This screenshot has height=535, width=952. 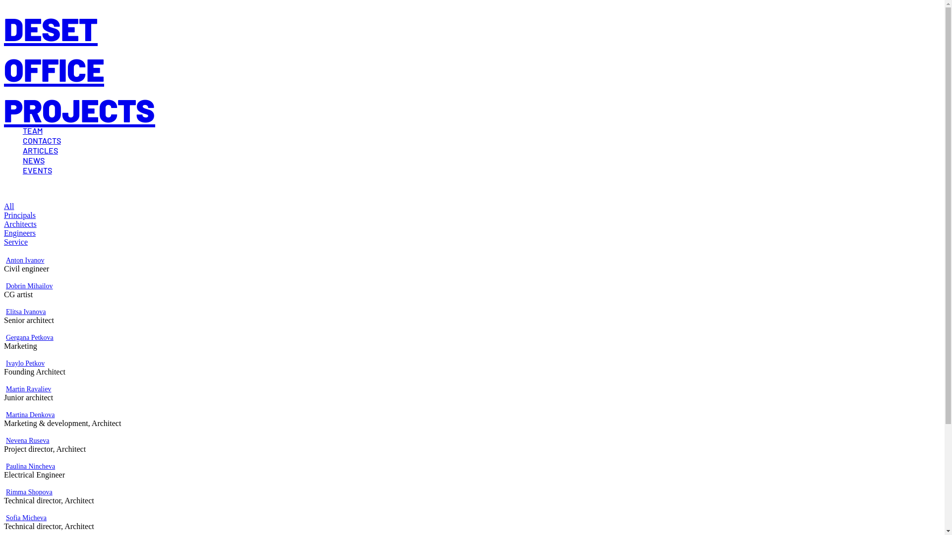 What do you see at coordinates (28, 388) in the screenshot?
I see `'Martin Ravaliev'` at bounding box center [28, 388].